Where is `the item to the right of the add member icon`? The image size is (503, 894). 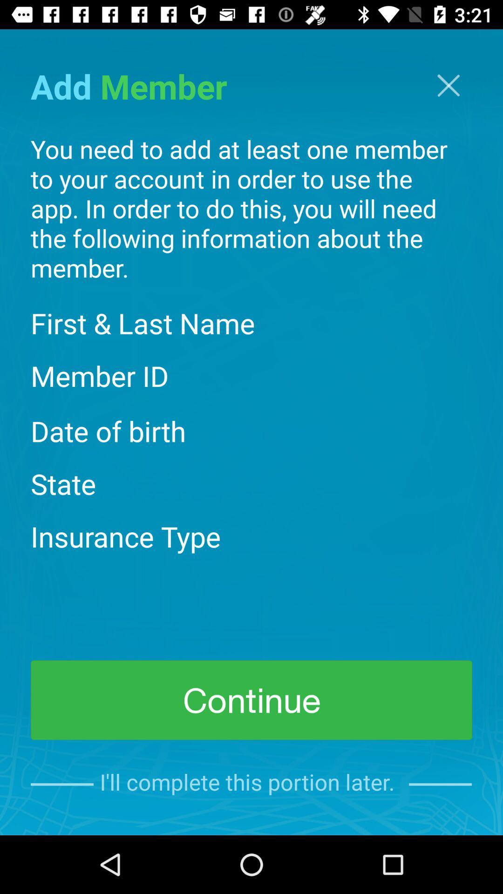
the item to the right of the add member icon is located at coordinates (448, 85).